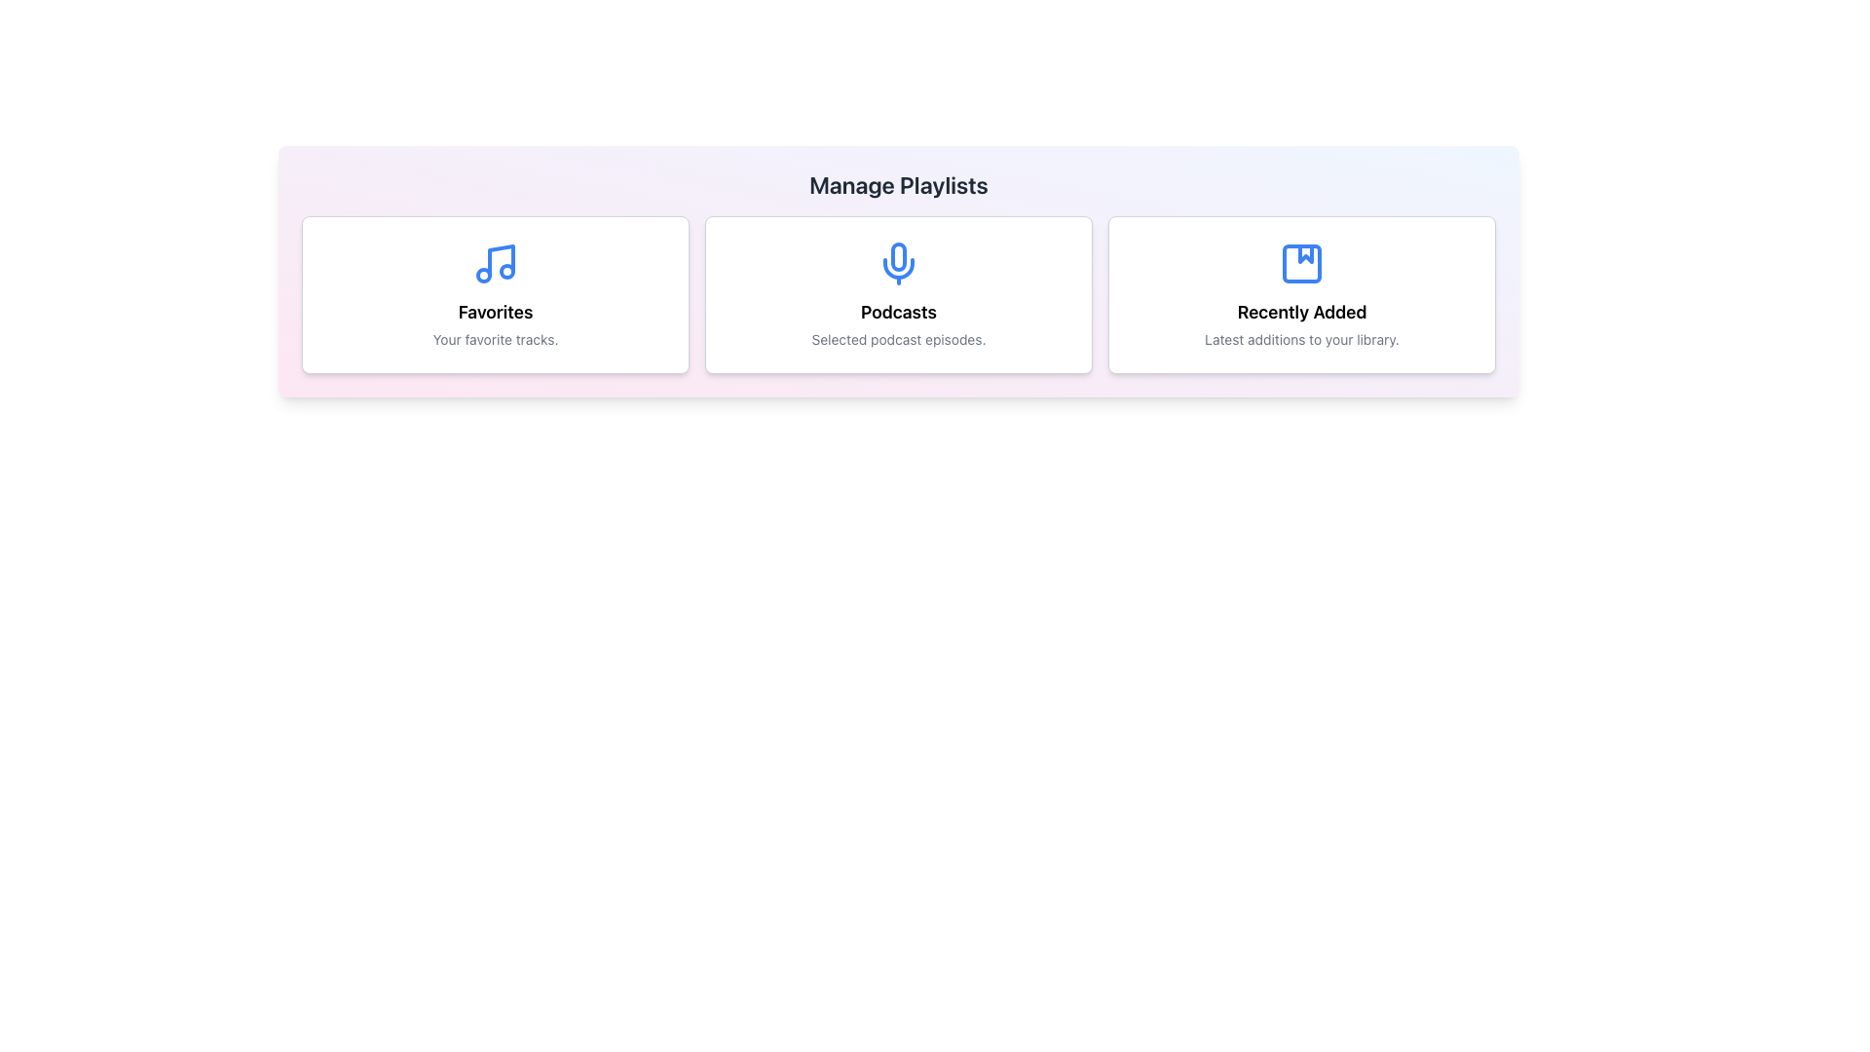 This screenshot has height=1052, width=1870. Describe the element at coordinates (1302, 295) in the screenshot. I see `the 'Recently Added' button, characterized by its white background, blue album icon, and bold title` at that location.